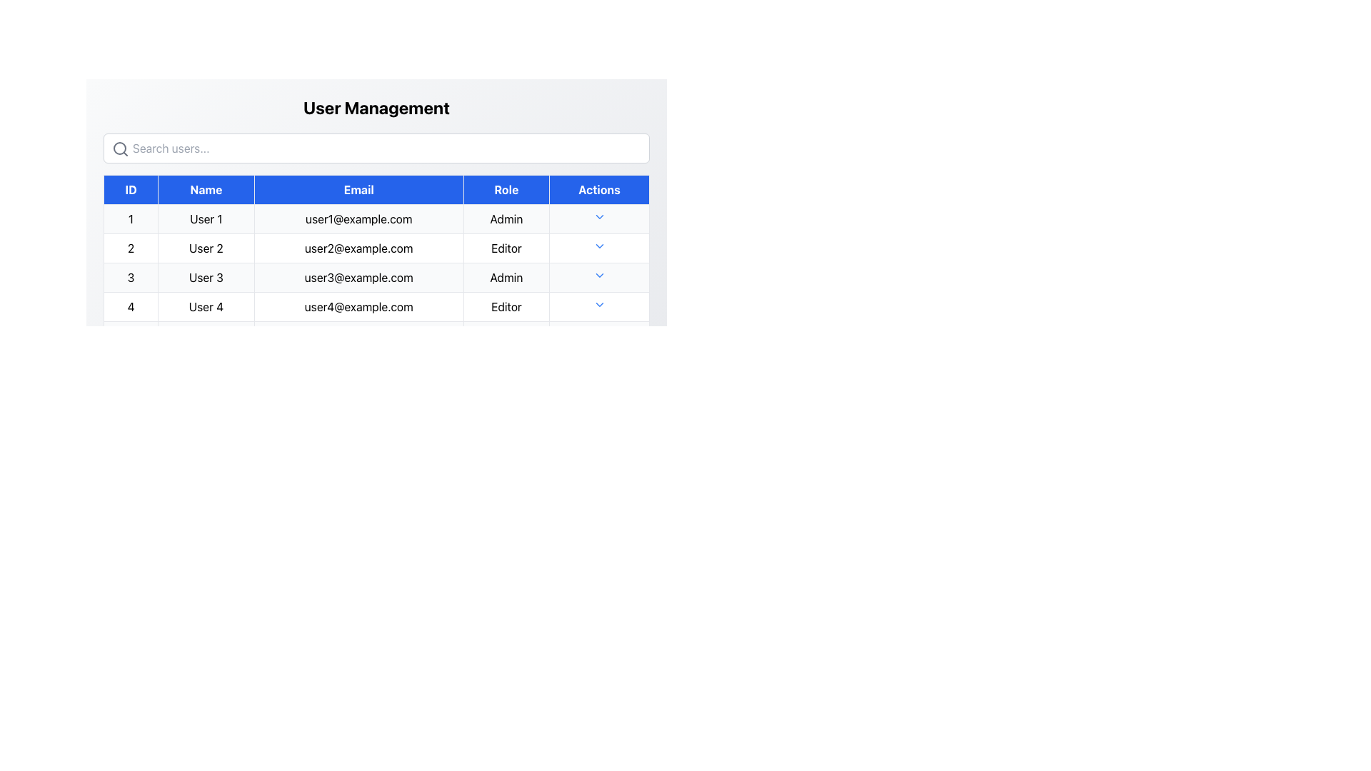 The width and height of the screenshot is (1371, 771). Describe the element at coordinates (599, 275) in the screenshot. I see `the Dropdown trigger button featuring a downward-pointing chevron arrow icon, located in the third row of the 'Actions' column aligned with 'User 3'` at that location.